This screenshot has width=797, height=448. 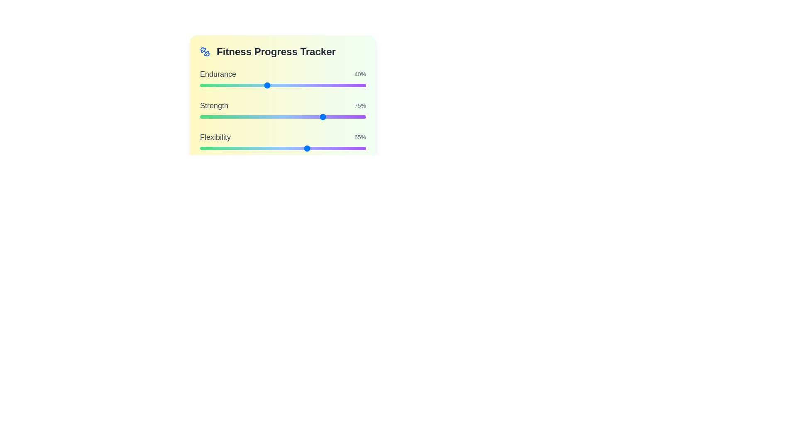 I want to click on the handle of the Strength slider (the second slider in the vertical layout), so click(x=283, y=117).